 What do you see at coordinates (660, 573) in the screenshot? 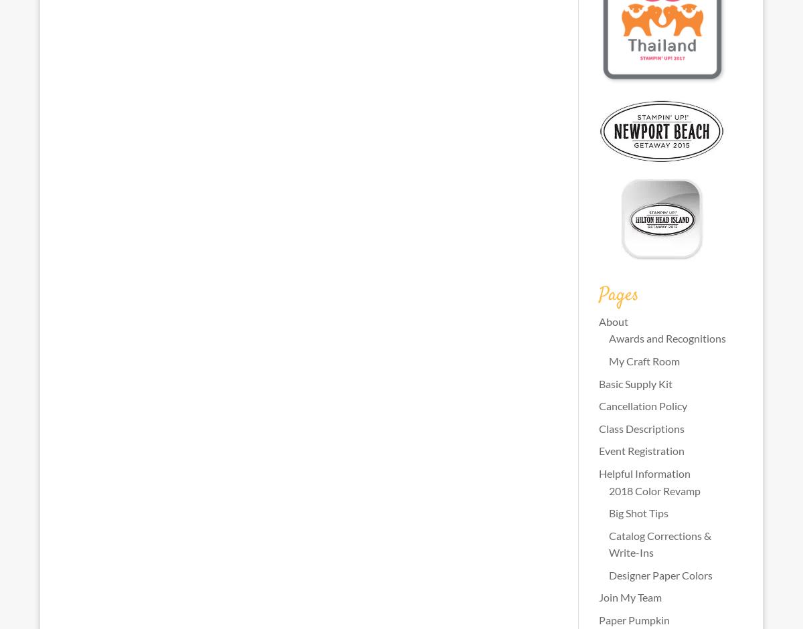
I see `'Designer Paper Colors'` at bounding box center [660, 573].